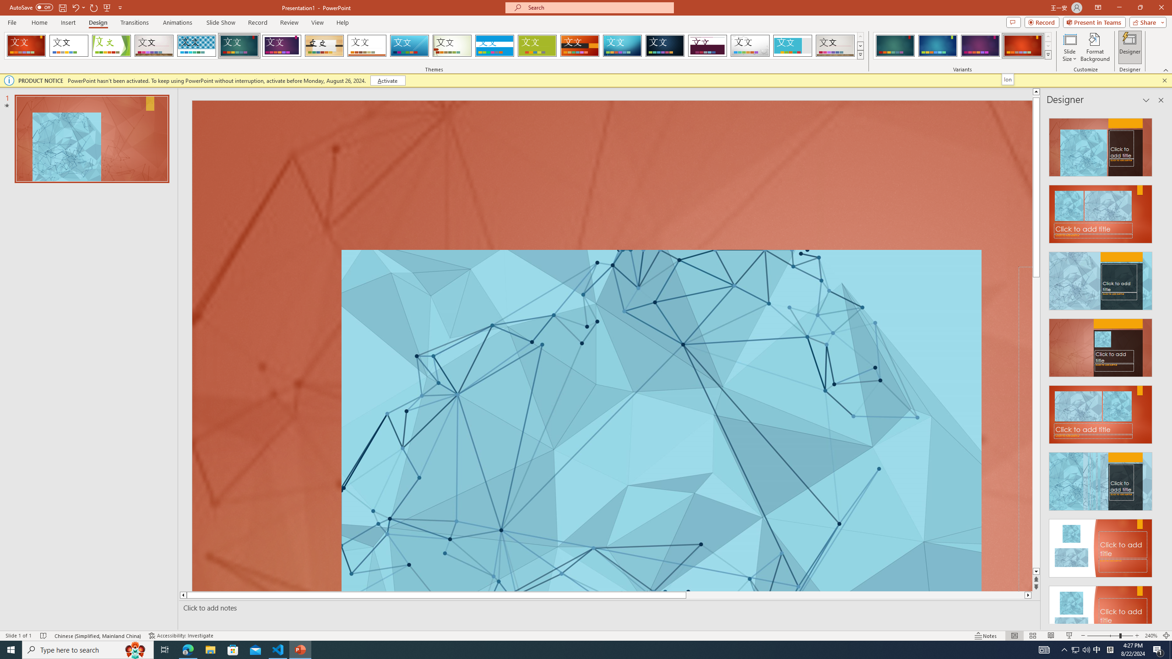 The width and height of the screenshot is (1172, 659). Describe the element at coordinates (622, 45) in the screenshot. I see `'Circuit'` at that location.